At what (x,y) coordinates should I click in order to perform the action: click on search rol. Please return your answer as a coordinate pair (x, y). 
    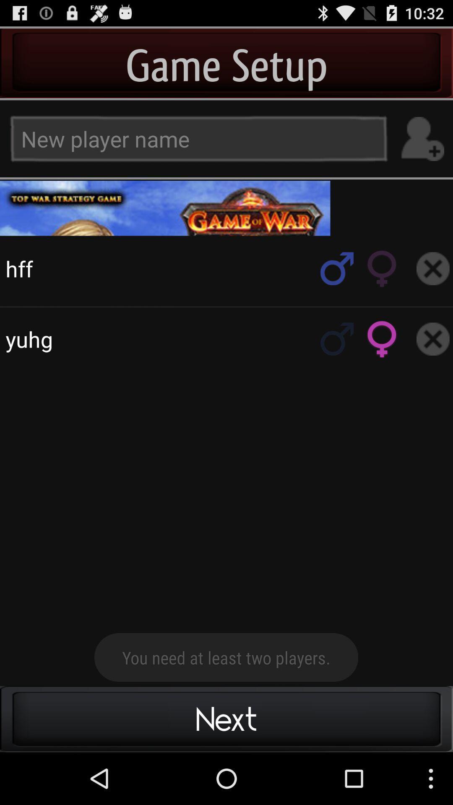
    Looking at the image, I should click on (336, 268).